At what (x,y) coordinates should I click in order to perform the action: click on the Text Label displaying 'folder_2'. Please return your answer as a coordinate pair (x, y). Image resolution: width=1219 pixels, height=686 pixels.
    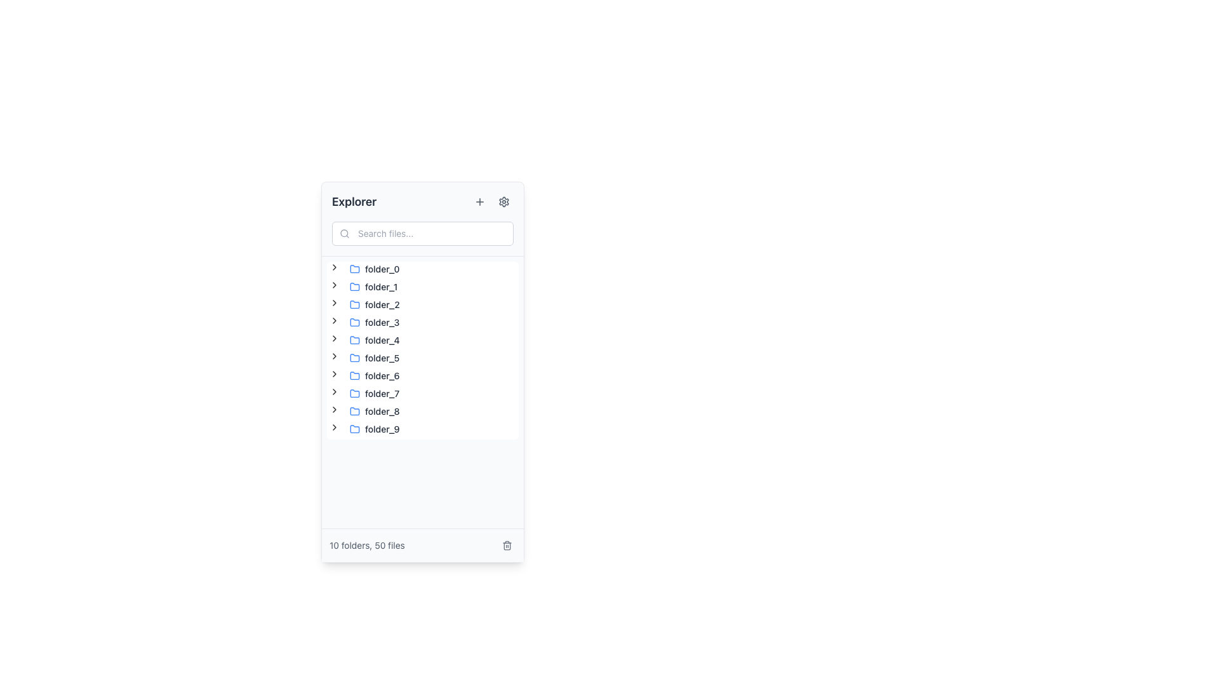
    Looking at the image, I should click on (382, 304).